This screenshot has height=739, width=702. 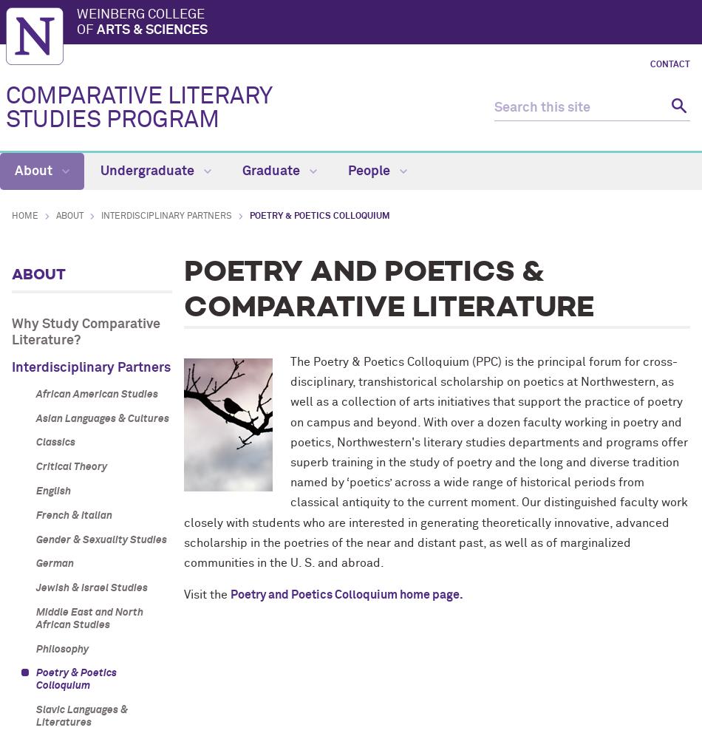 What do you see at coordinates (388, 290) in the screenshot?
I see `'Poetry and Poetics & Comparative Literature'` at bounding box center [388, 290].